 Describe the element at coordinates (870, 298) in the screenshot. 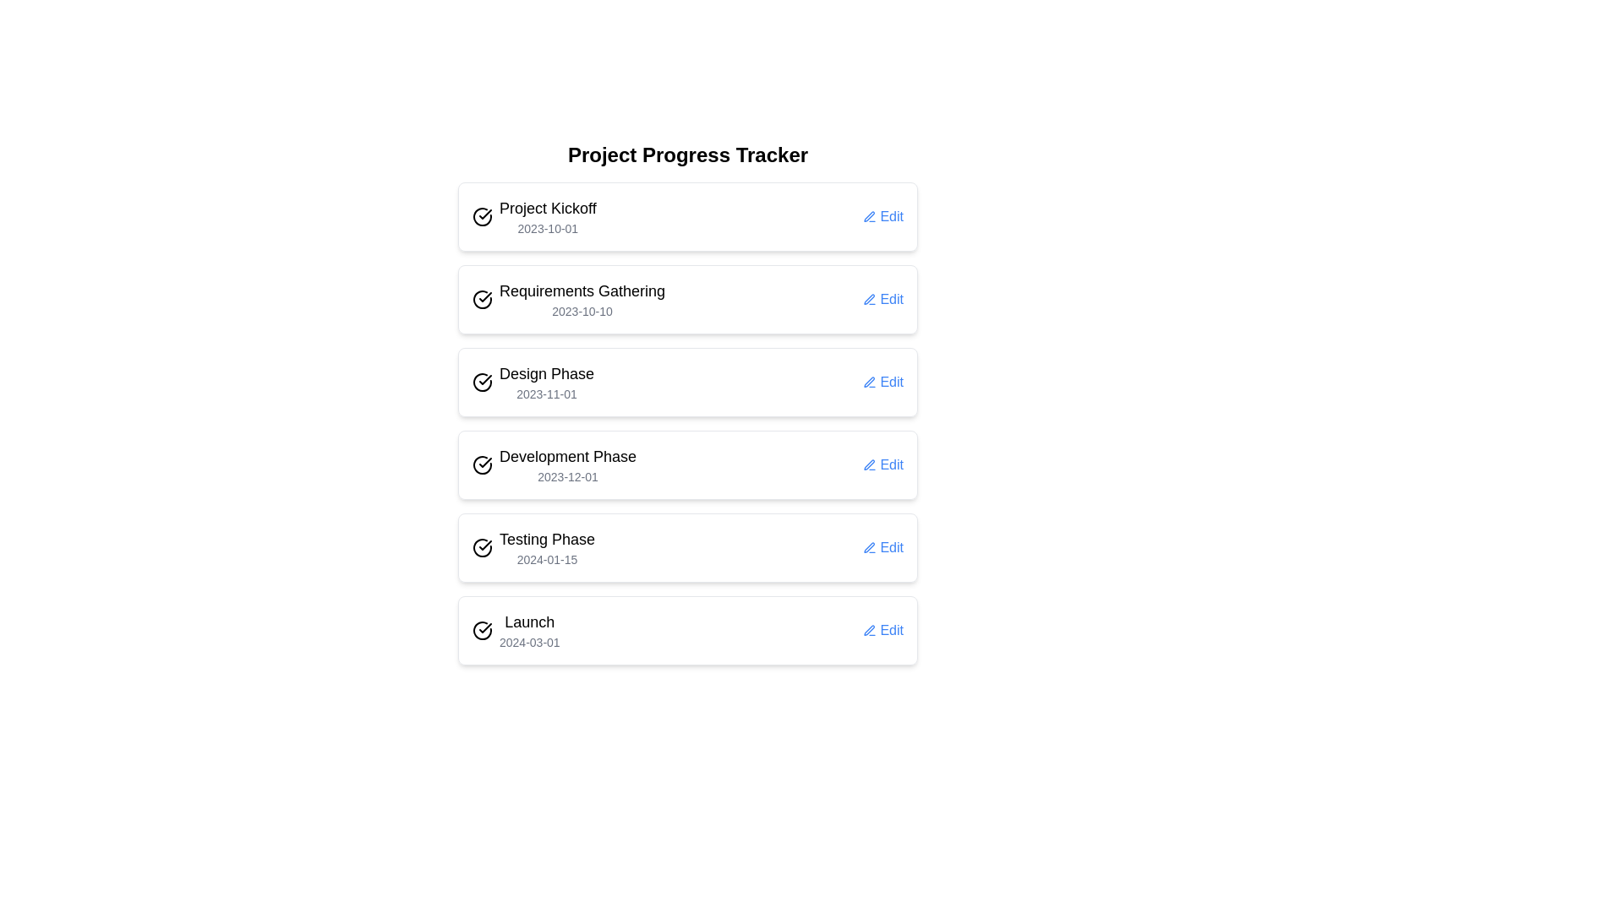

I see `the pen icon located in the second card of a vertical list, which is positioned to the right of the card's content and to the left of the 'Edit' text` at that location.